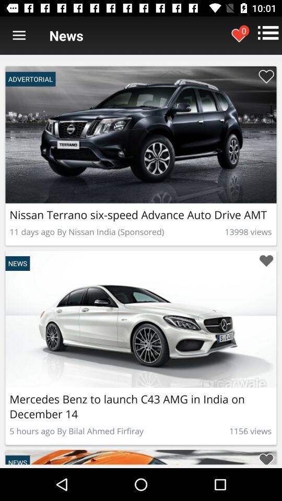 The image size is (282, 501). Describe the element at coordinates (266, 457) in the screenshot. I see `favorites the advertorial` at that location.